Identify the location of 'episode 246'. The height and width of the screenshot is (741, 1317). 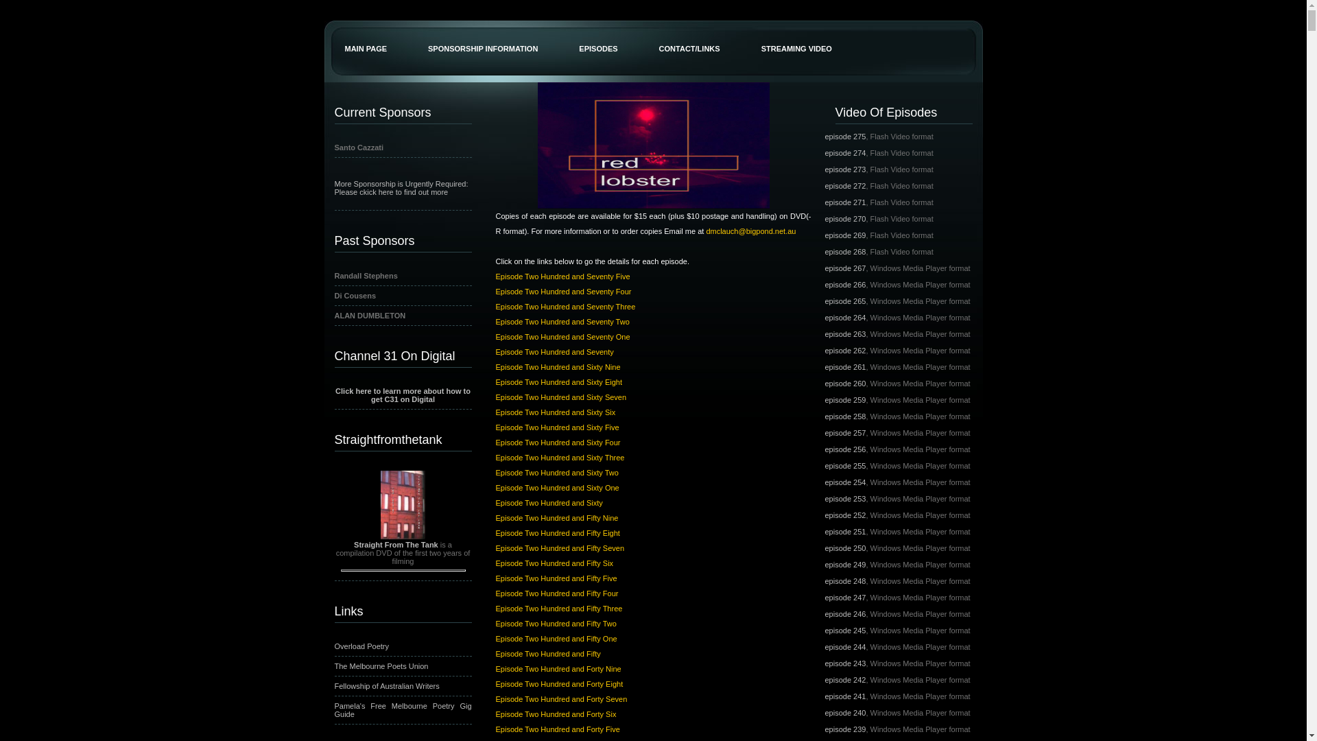
(844, 613).